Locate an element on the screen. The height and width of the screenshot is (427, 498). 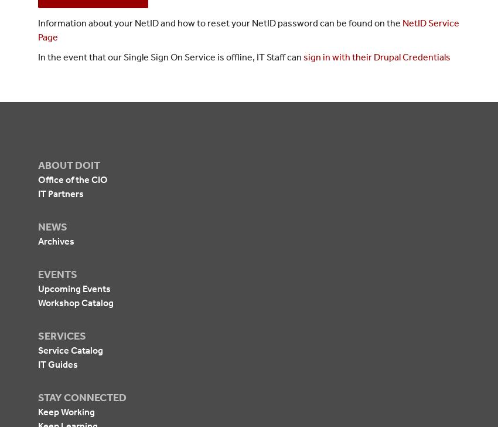
'Keep Working' is located at coordinates (66, 411).